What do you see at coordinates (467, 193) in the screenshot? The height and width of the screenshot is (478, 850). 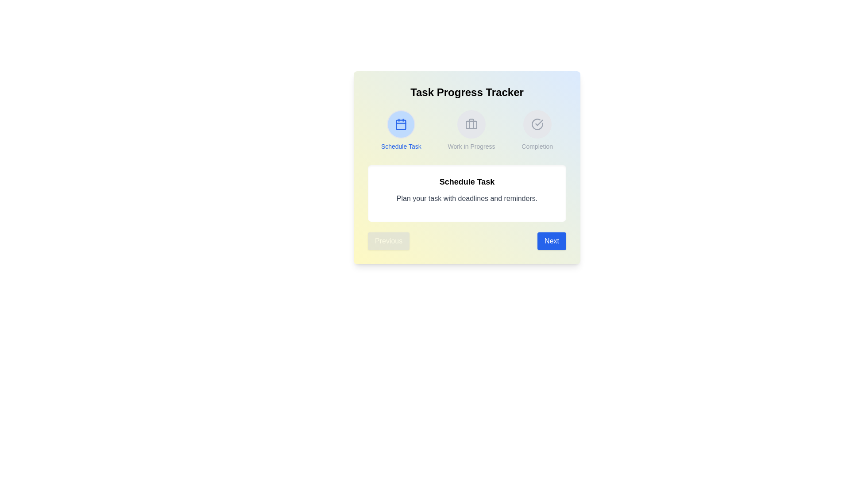 I see `the description area to focus on it` at bounding box center [467, 193].